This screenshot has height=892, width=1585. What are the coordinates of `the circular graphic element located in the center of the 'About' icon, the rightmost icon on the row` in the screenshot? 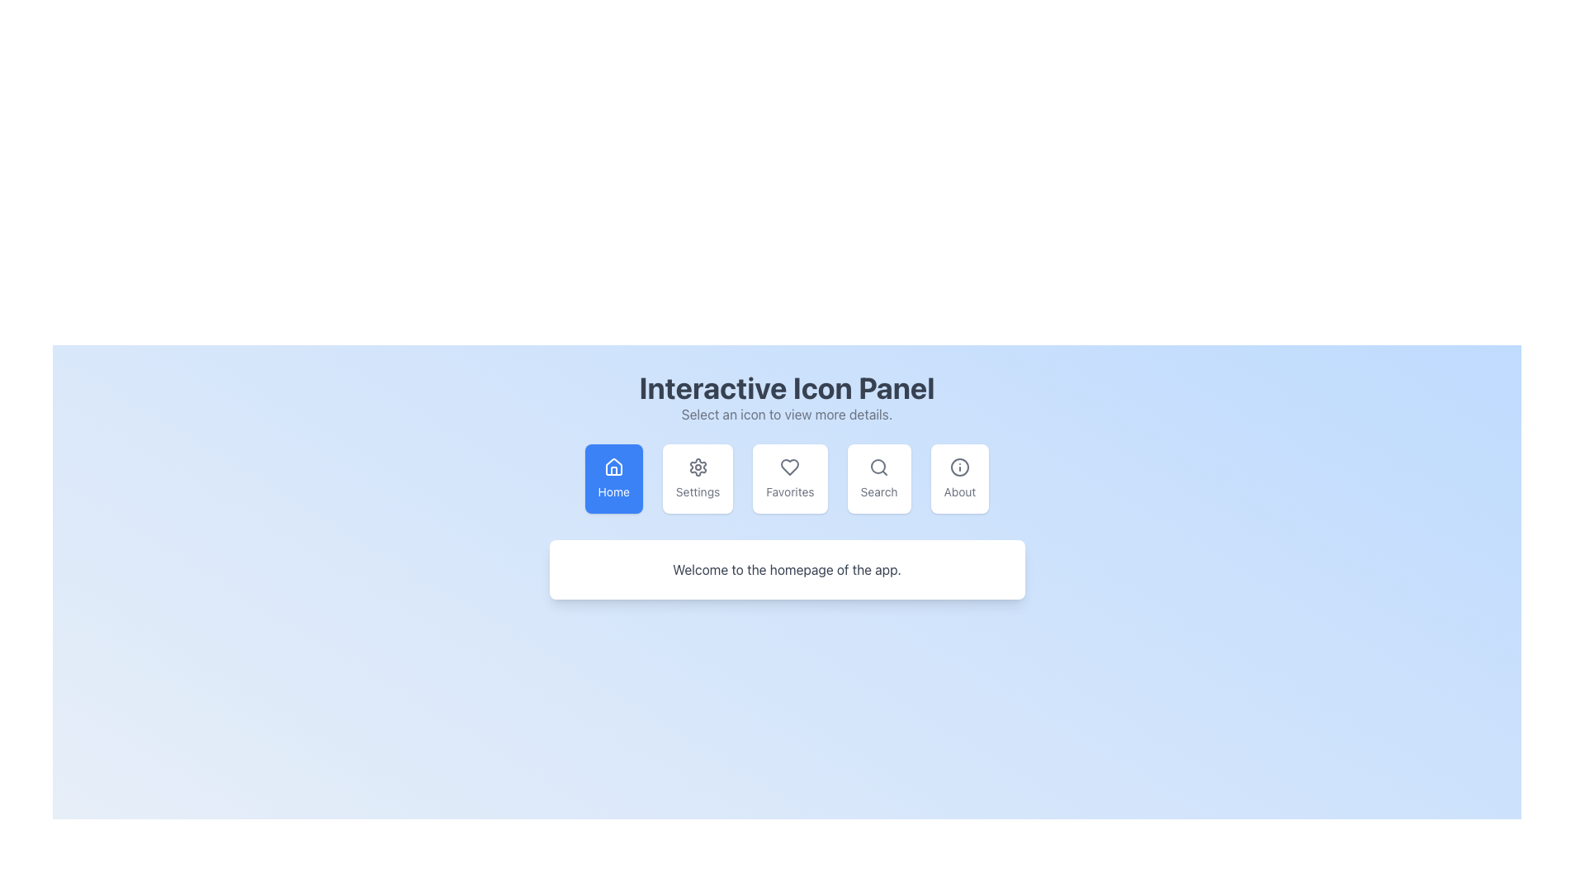 It's located at (959, 467).